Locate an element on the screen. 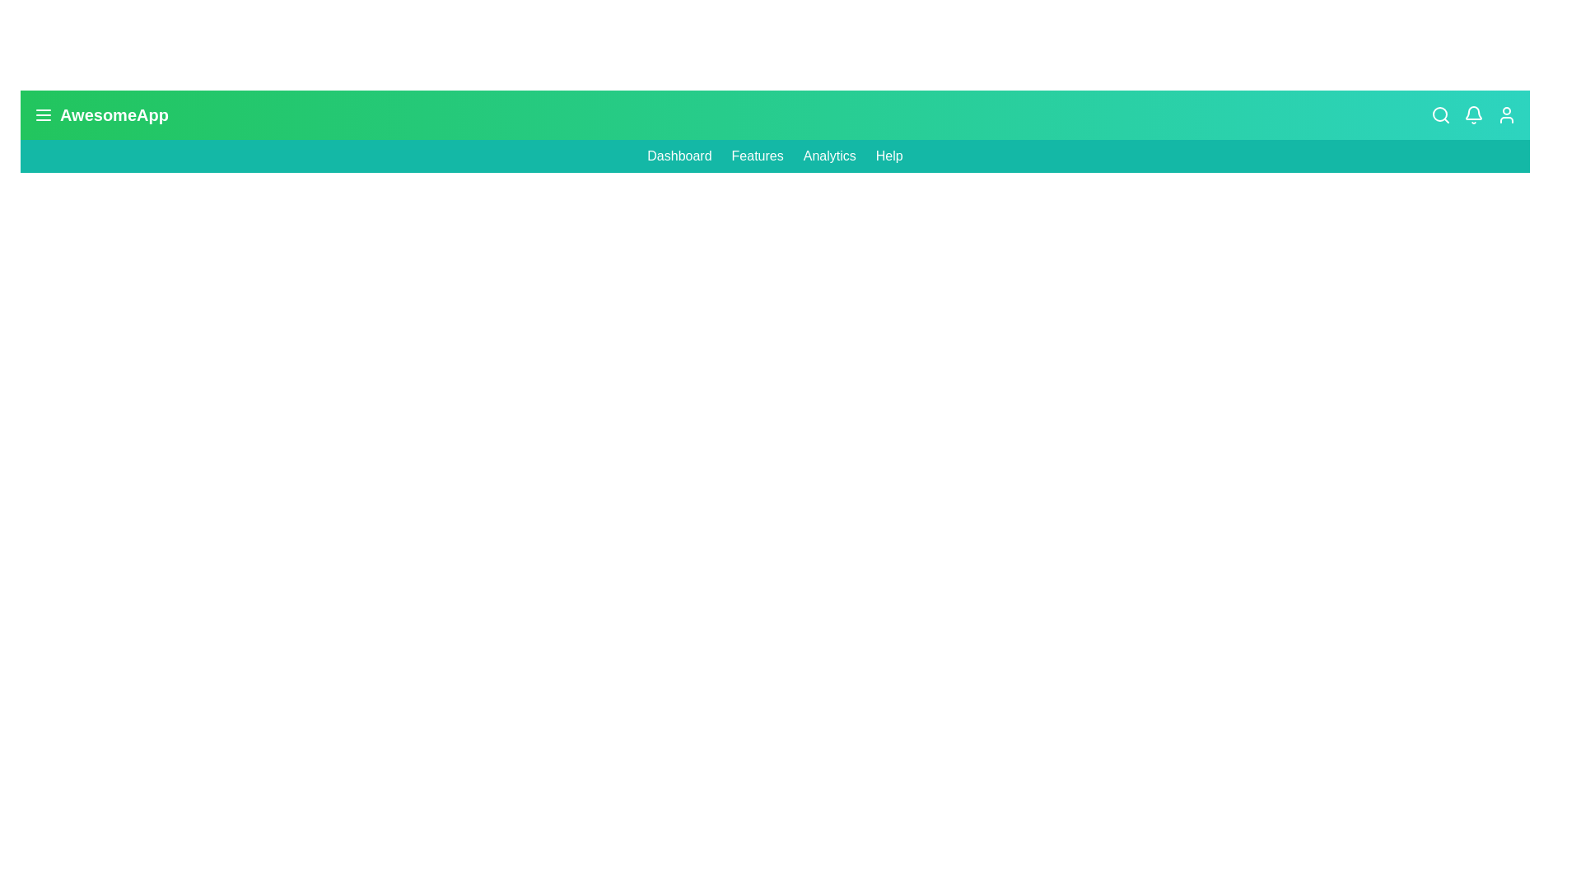 This screenshot has width=1581, height=889. the 'Help' link in the navigation bar is located at coordinates (888, 156).